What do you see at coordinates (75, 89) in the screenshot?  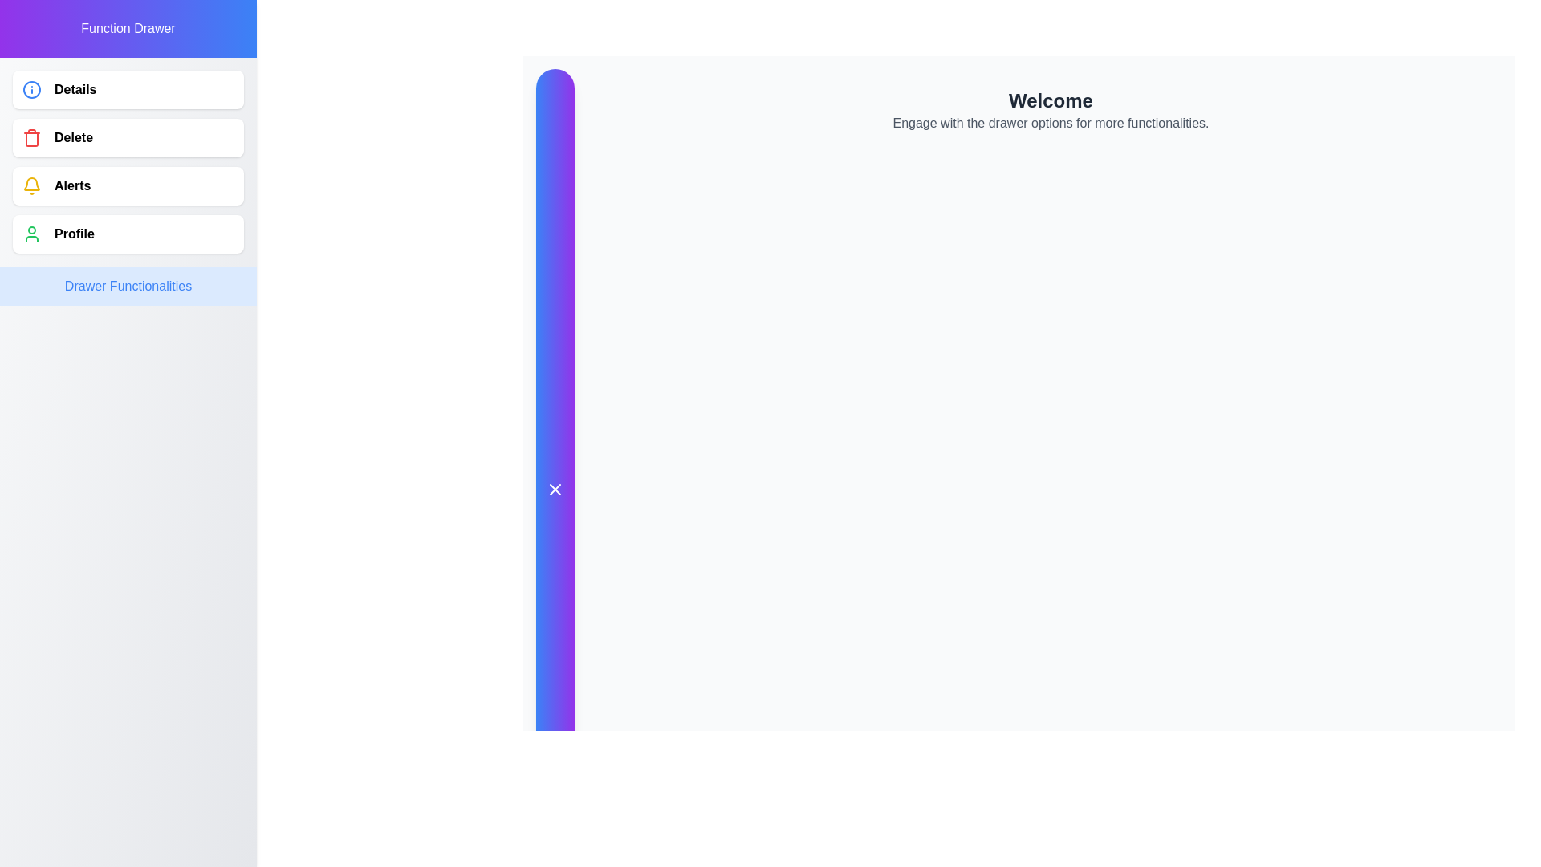 I see `the 'Details' text label in the side navigation drawer, which is located to the right of the blue information icon` at bounding box center [75, 89].